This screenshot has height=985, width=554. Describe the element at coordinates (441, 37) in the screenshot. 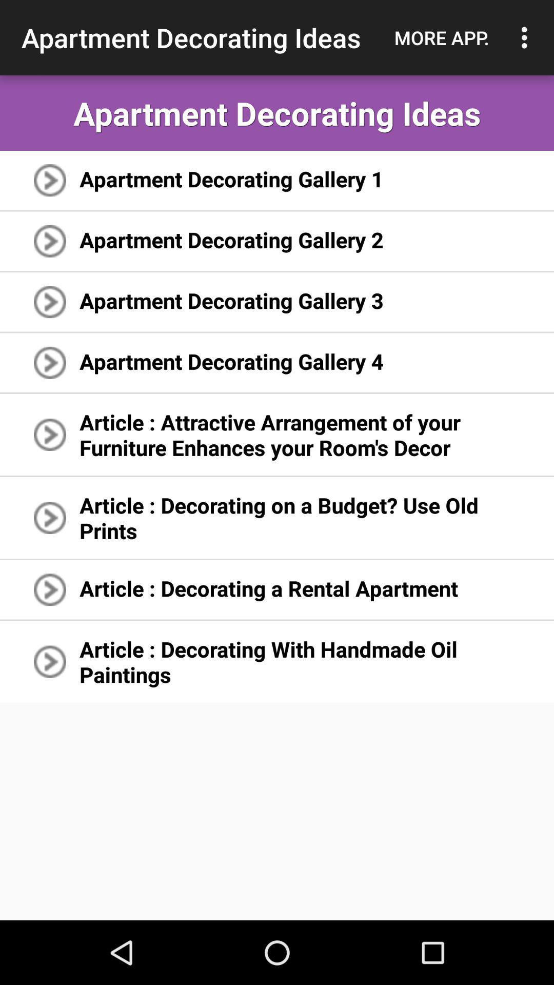

I see `the app above the apartment decorating ideas` at that location.